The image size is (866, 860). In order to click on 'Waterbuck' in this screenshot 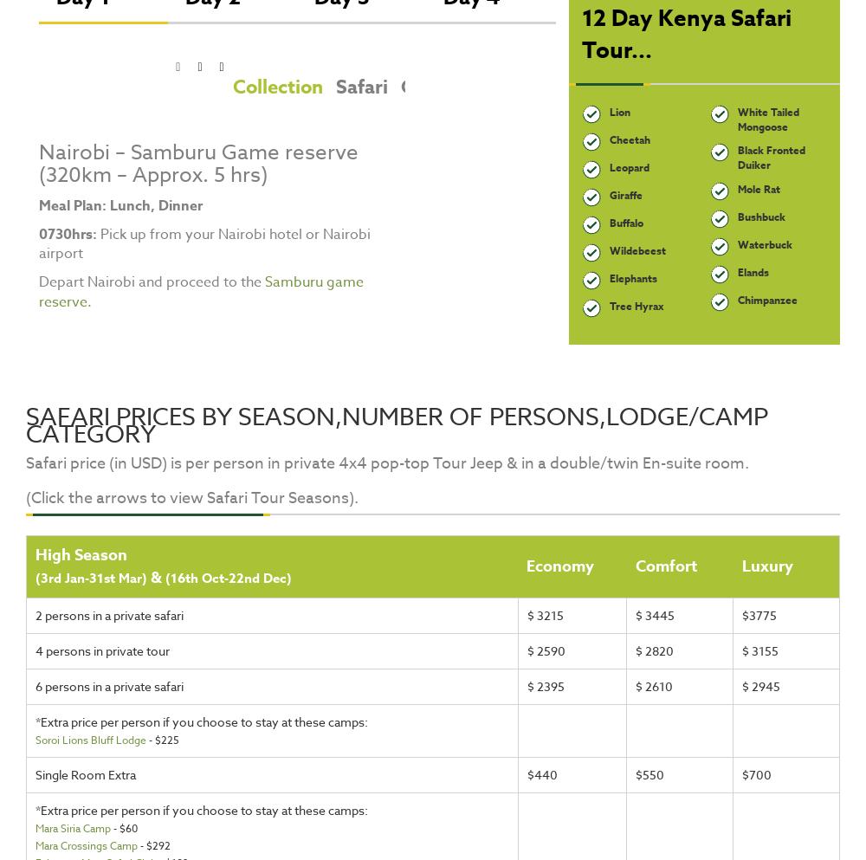, I will do `click(765, 243)`.